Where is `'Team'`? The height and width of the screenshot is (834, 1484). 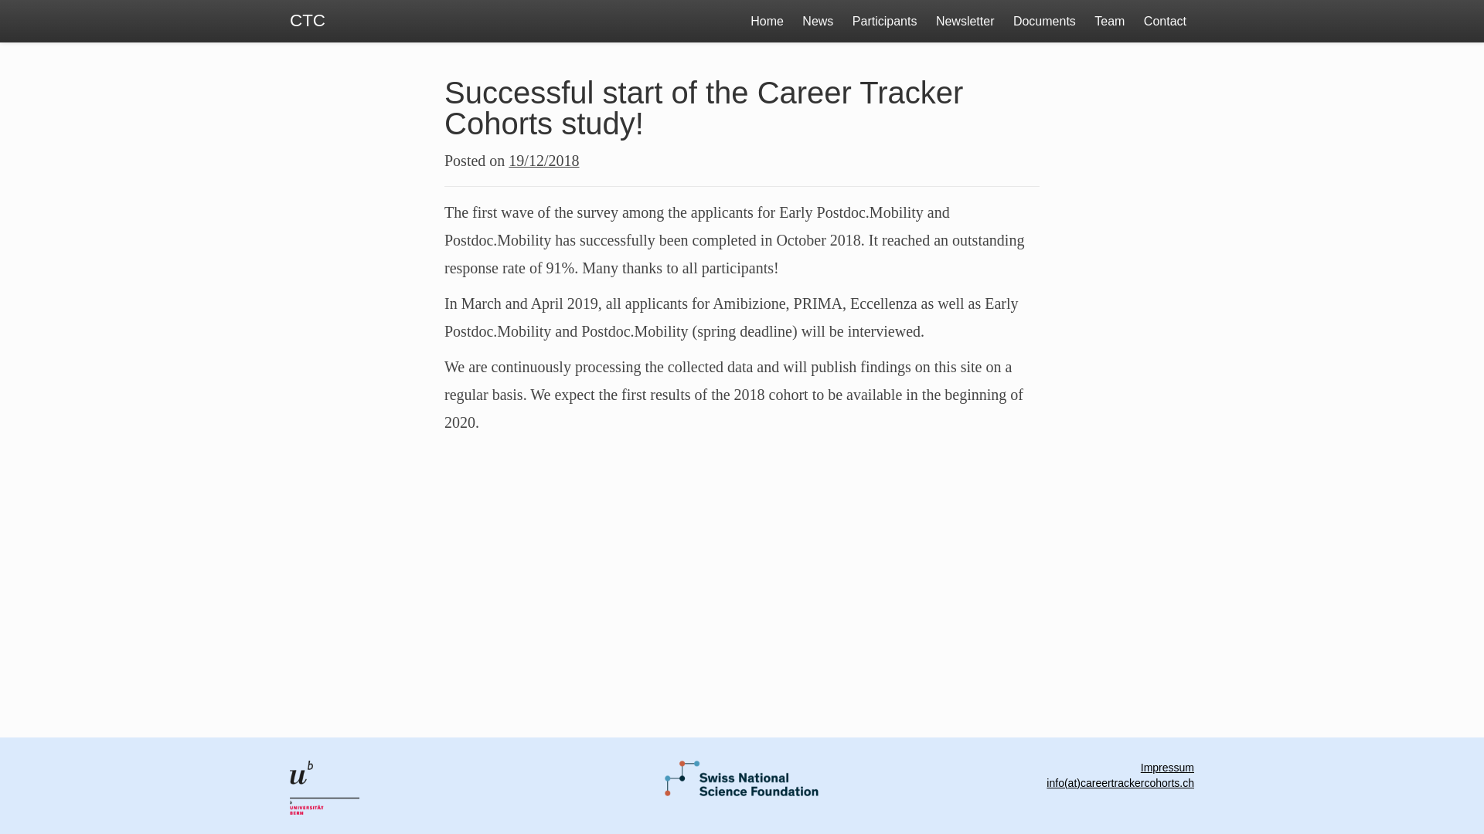 'Team' is located at coordinates (1108, 21).